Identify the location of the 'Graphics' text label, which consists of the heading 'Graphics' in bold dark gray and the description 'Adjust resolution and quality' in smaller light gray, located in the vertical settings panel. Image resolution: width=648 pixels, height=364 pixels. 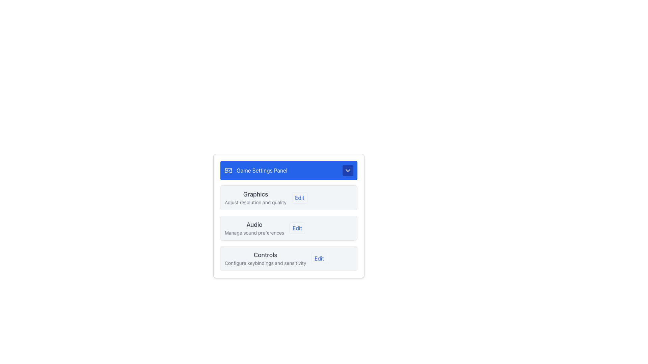
(255, 197).